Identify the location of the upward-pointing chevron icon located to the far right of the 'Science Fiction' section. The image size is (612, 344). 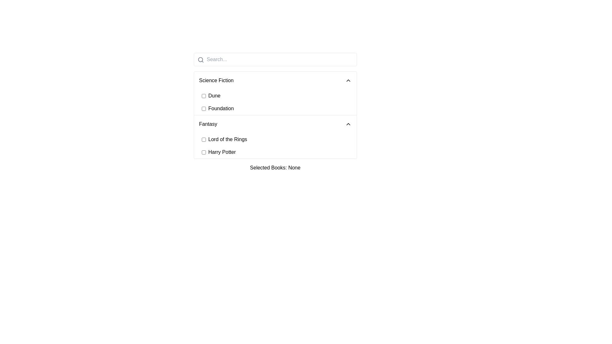
(348, 80).